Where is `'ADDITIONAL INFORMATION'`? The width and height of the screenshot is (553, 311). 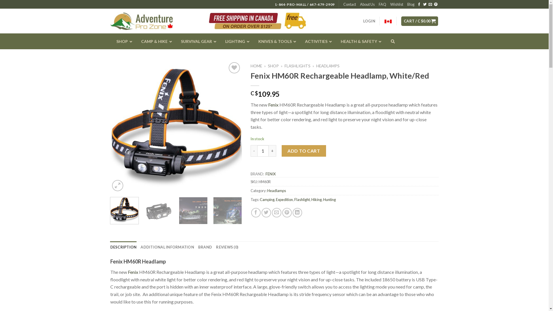
'ADDITIONAL INFORMATION' is located at coordinates (141, 246).